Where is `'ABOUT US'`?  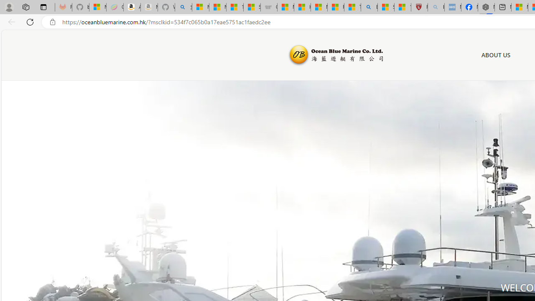
'ABOUT US' is located at coordinates (496, 55).